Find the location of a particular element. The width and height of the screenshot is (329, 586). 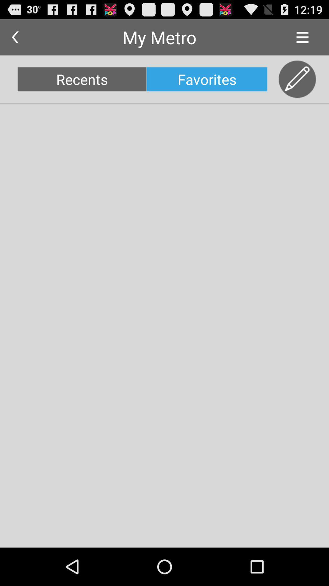

item to the right of the recents icon is located at coordinates (207, 79).